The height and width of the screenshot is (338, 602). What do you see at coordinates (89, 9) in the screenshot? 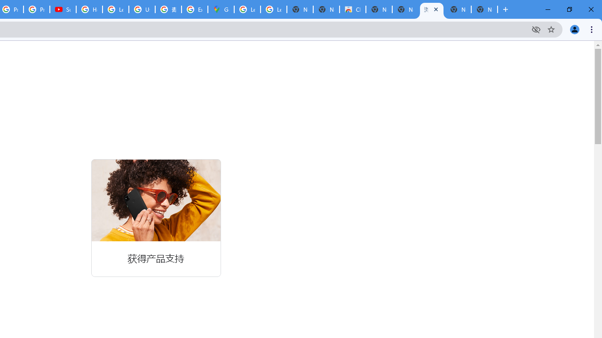
I see `'How Chrome protects your passwords - Google Chrome Help'` at bounding box center [89, 9].